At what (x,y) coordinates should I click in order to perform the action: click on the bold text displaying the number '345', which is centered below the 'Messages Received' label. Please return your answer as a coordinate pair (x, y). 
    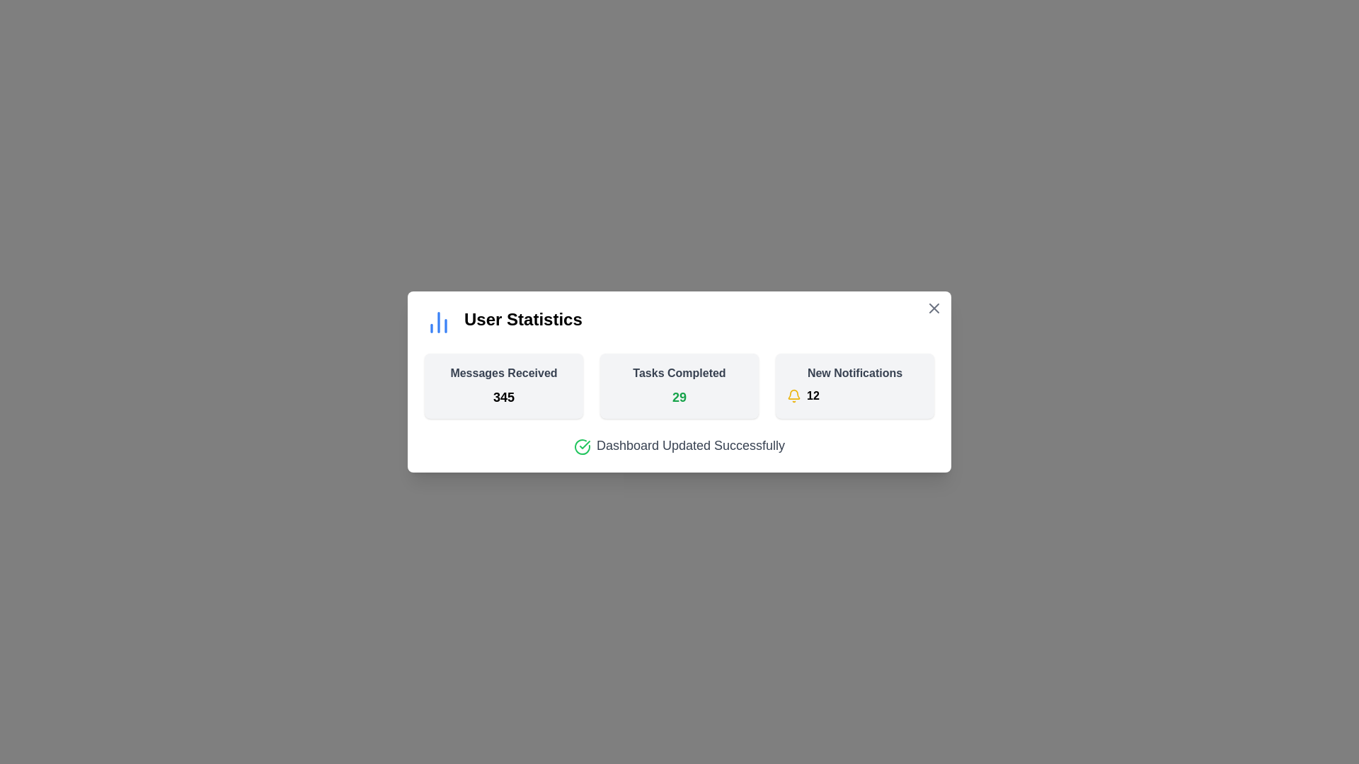
    Looking at the image, I should click on (503, 398).